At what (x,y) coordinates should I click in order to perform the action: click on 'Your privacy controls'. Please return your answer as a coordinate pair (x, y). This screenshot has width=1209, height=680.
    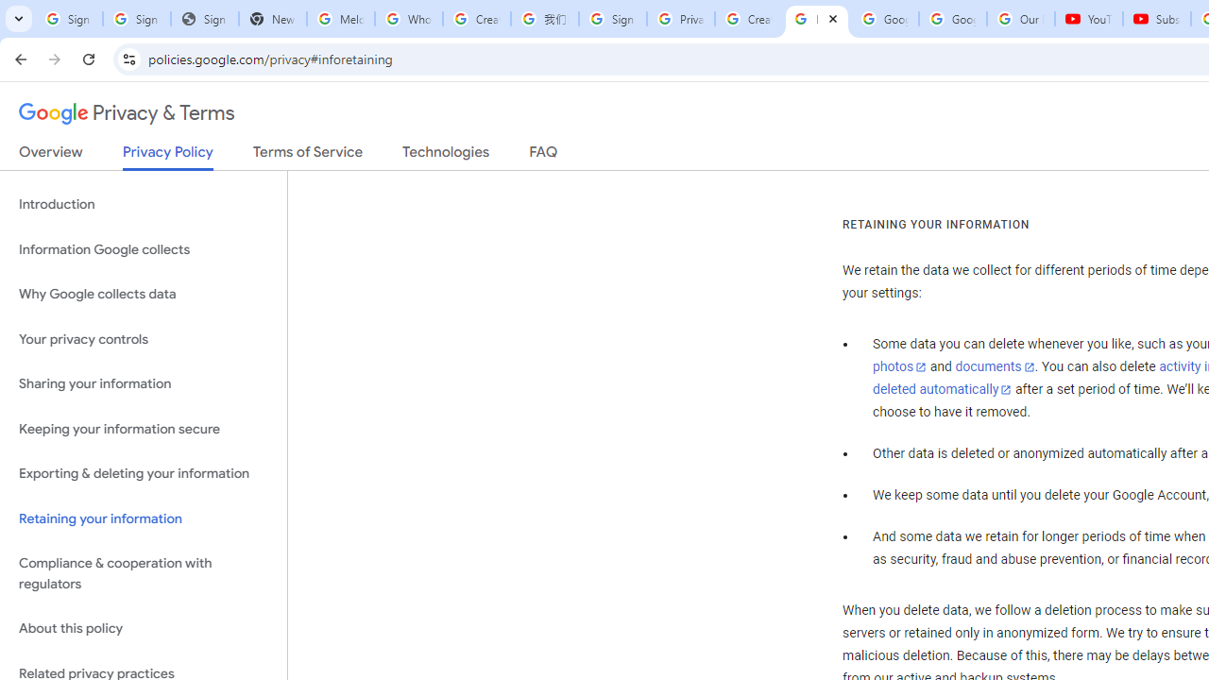
    Looking at the image, I should click on (143, 338).